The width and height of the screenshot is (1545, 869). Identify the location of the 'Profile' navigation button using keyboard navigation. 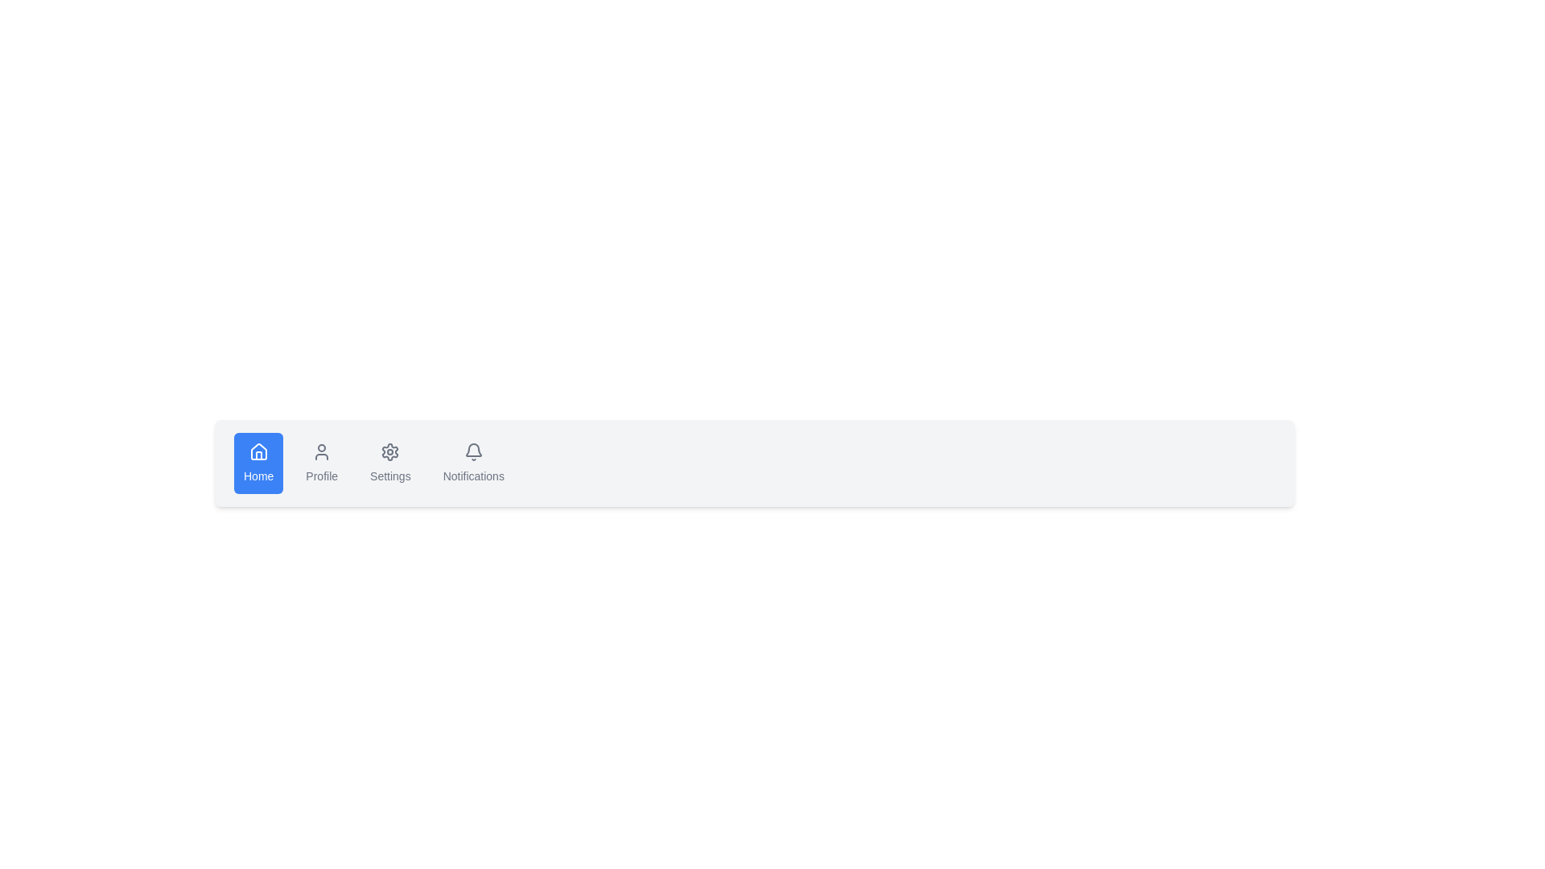
(322, 463).